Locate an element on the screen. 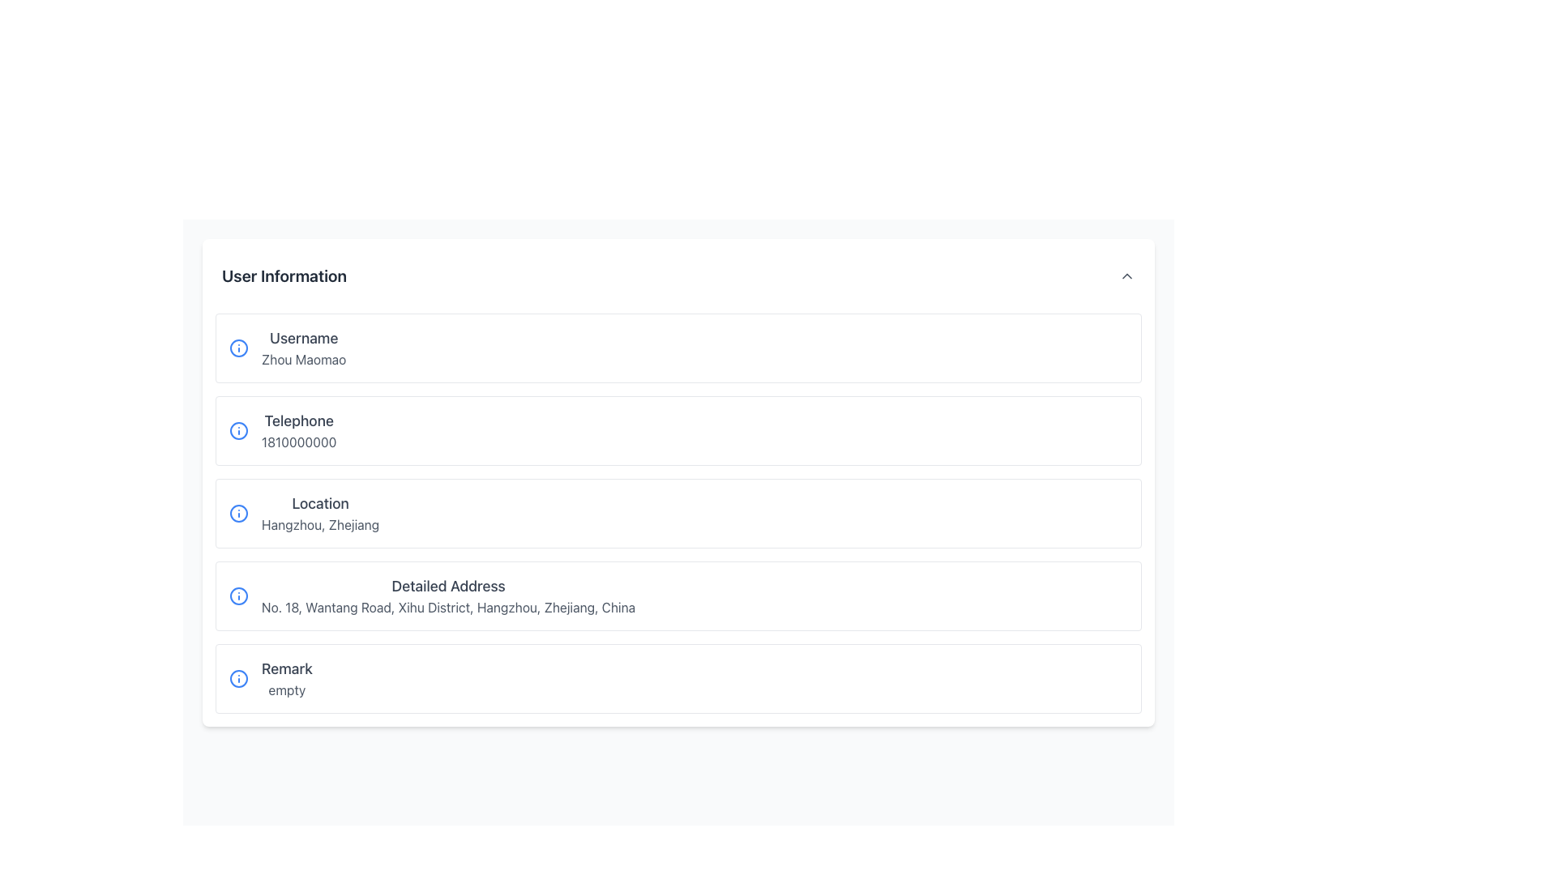 The height and width of the screenshot is (875, 1556). the Read-only Text displaying 'empty' located in the 'Remark' section of the user information panel is located at coordinates (287, 690).